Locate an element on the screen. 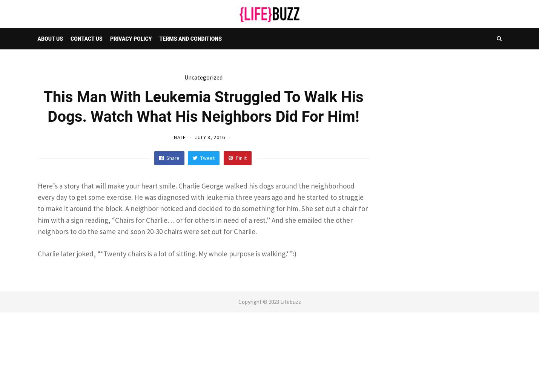  'Nate' is located at coordinates (179, 136).